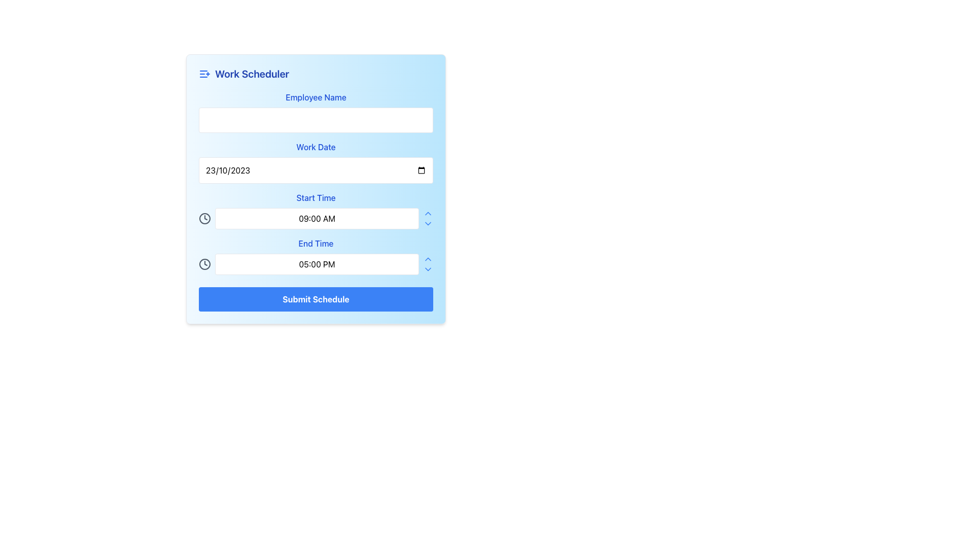  What do you see at coordinates (204, 263) in the screenshot?
I see `the gray clock icon located in the 'Work Scheduler' form, positioned to the left of the 'Start Time' input field` at bounding box center [204, 263].